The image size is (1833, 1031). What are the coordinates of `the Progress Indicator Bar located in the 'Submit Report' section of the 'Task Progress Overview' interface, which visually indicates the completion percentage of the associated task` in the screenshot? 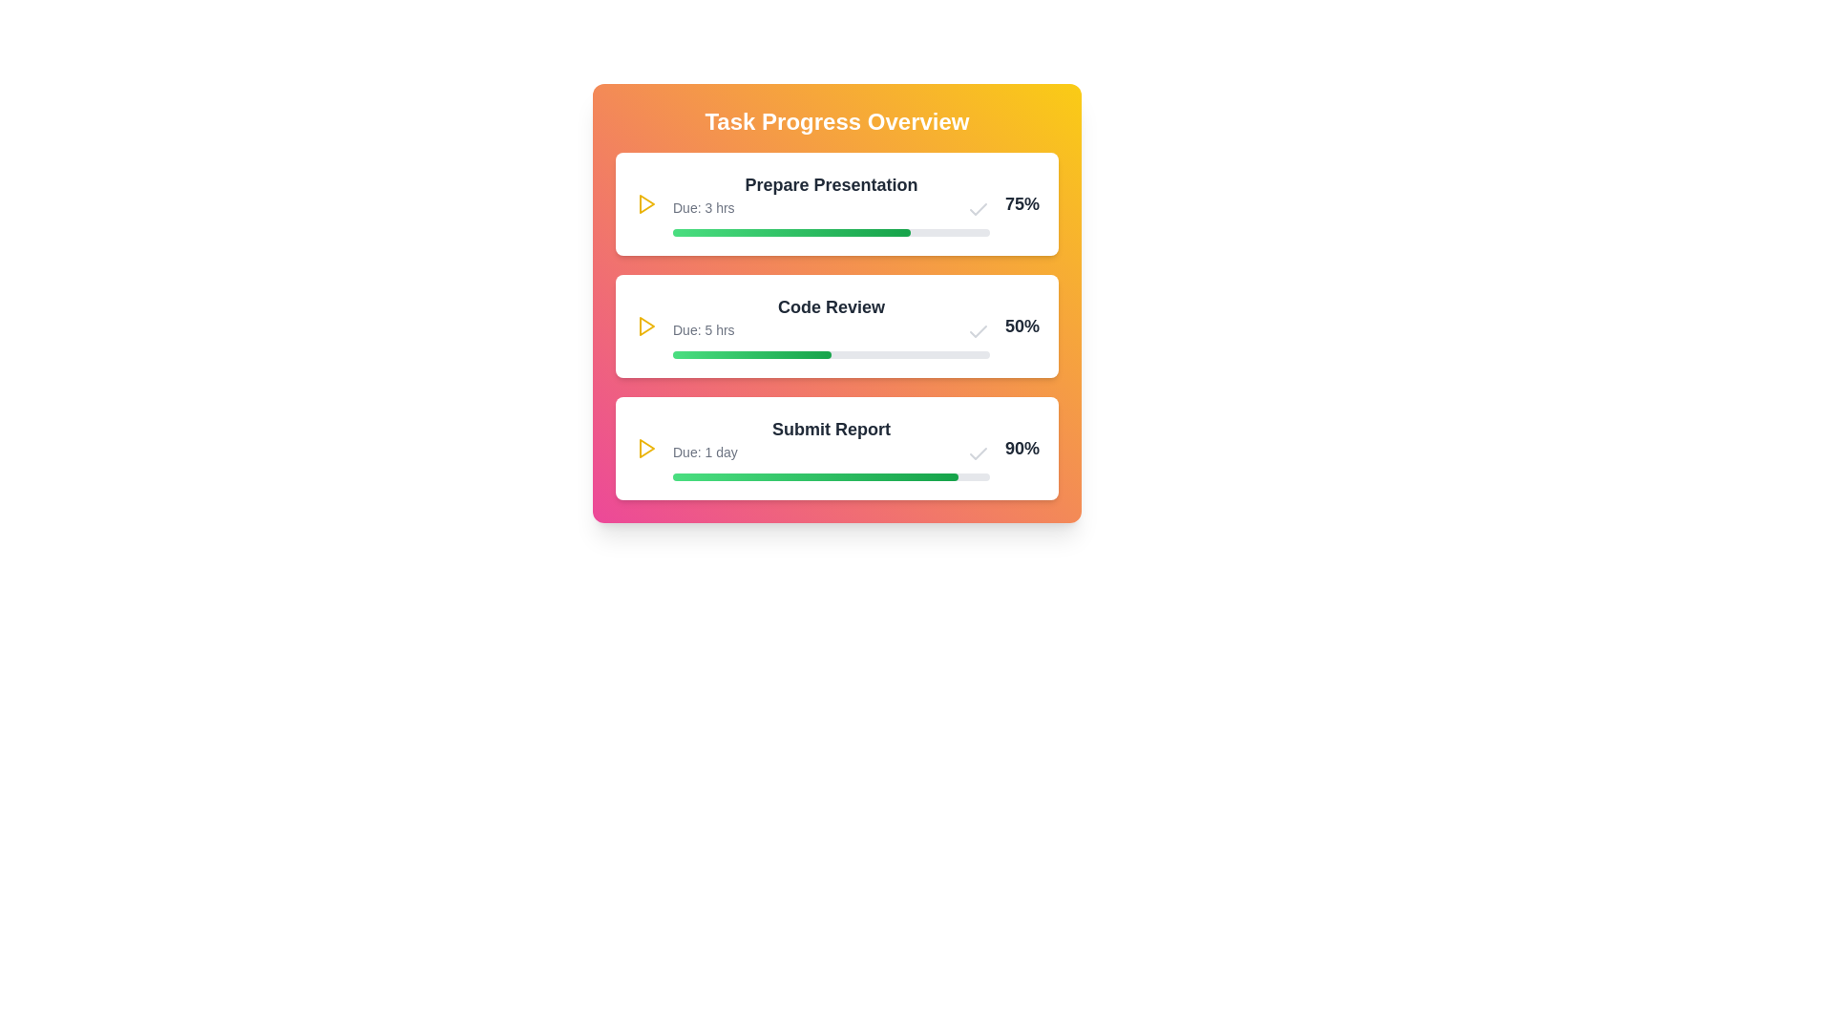 It's located at (815, 476).